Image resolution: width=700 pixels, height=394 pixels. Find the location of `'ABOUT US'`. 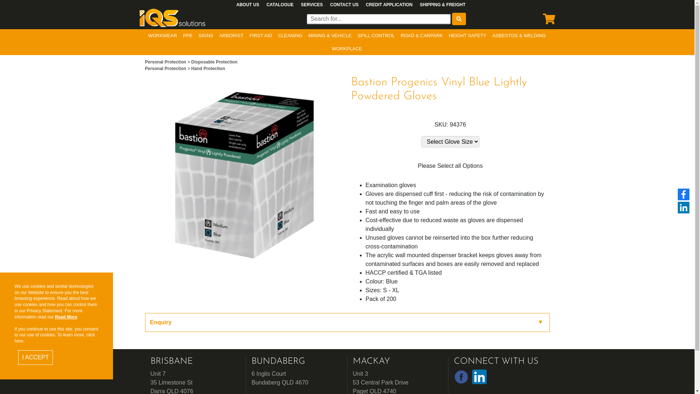

'ABOUT US' is located at coordinates (248, 4).